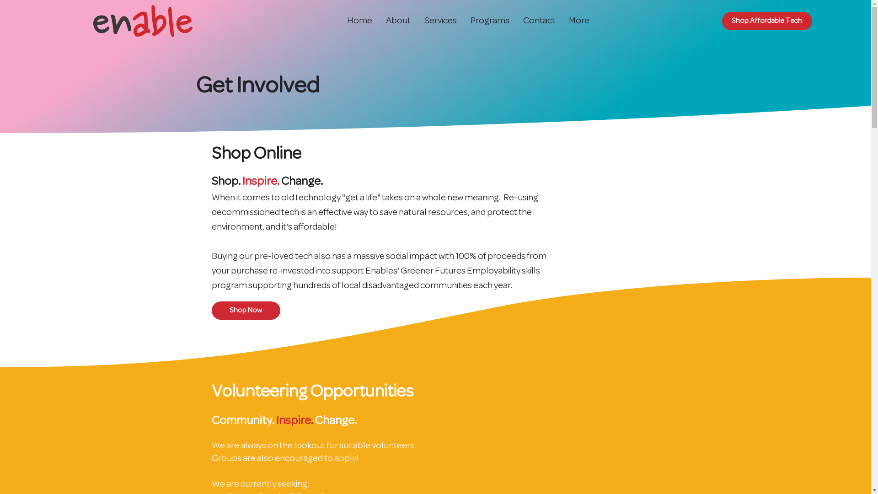 The image size is (878, 494). I want to click on 'Shop Now', so click(246, 310).